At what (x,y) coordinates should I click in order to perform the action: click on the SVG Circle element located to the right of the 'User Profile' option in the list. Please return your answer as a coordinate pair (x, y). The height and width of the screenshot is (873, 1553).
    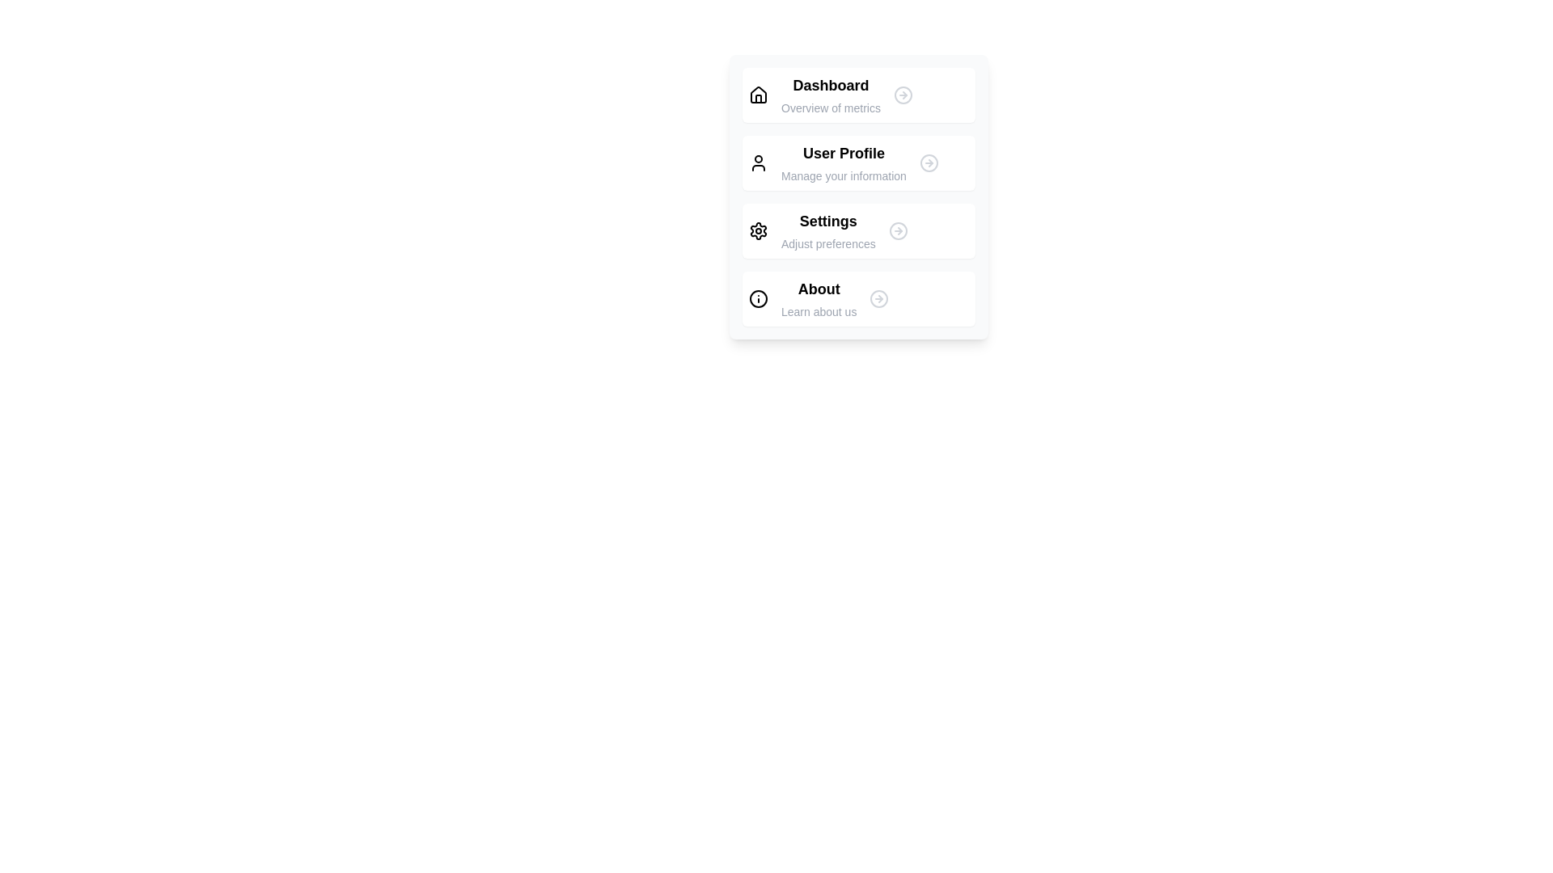
    Looking at the image, I should click on (929, 162).